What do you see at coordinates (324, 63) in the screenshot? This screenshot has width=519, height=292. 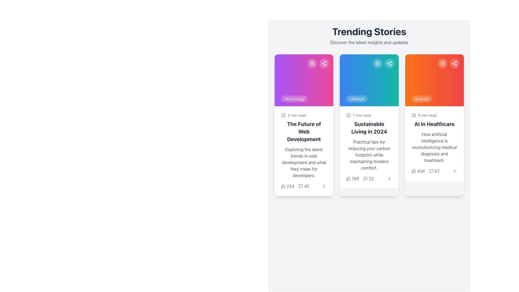 I see `the share button icon located in the top-right corner of the first card in the 'Trending Stories' section, which features a gradient background and the label 'Technology'` at bounding box center [324, 63].